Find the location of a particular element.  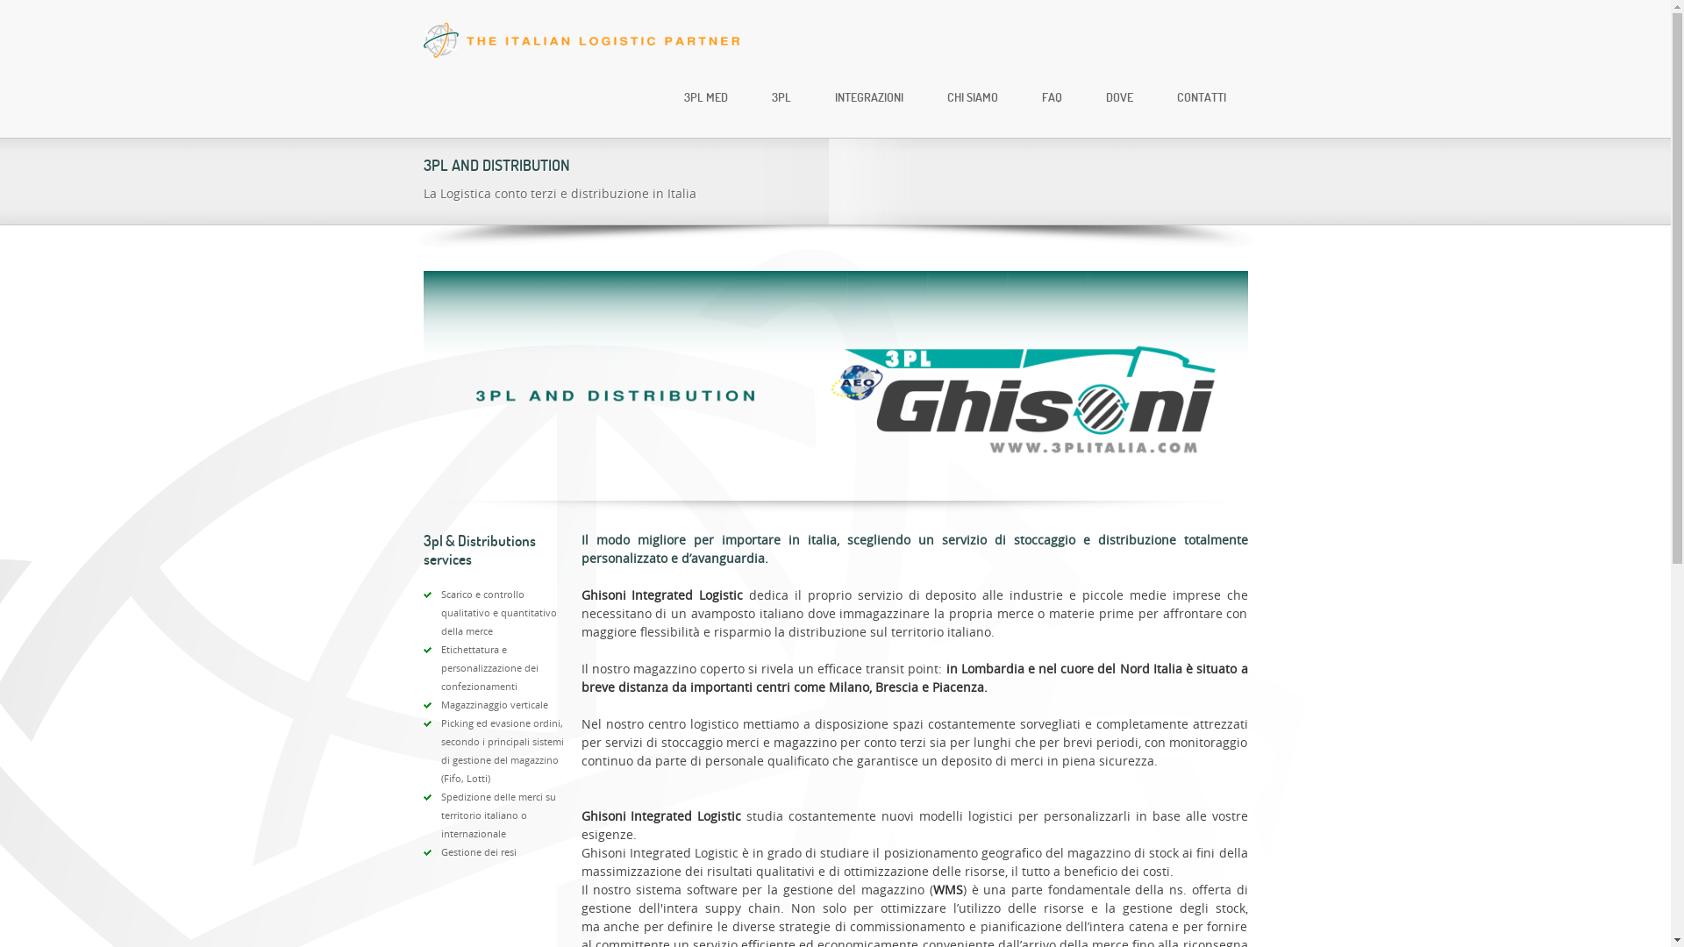

'DOVE' is located at coordinates (1118, 96).